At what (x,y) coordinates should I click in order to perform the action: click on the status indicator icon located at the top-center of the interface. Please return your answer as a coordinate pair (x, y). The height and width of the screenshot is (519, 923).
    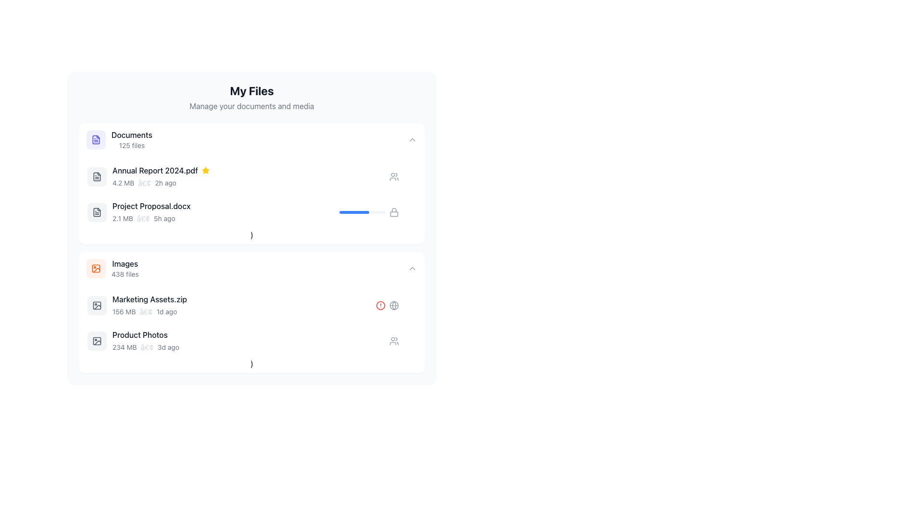
    Looking at the image, I should click on (205, 170).